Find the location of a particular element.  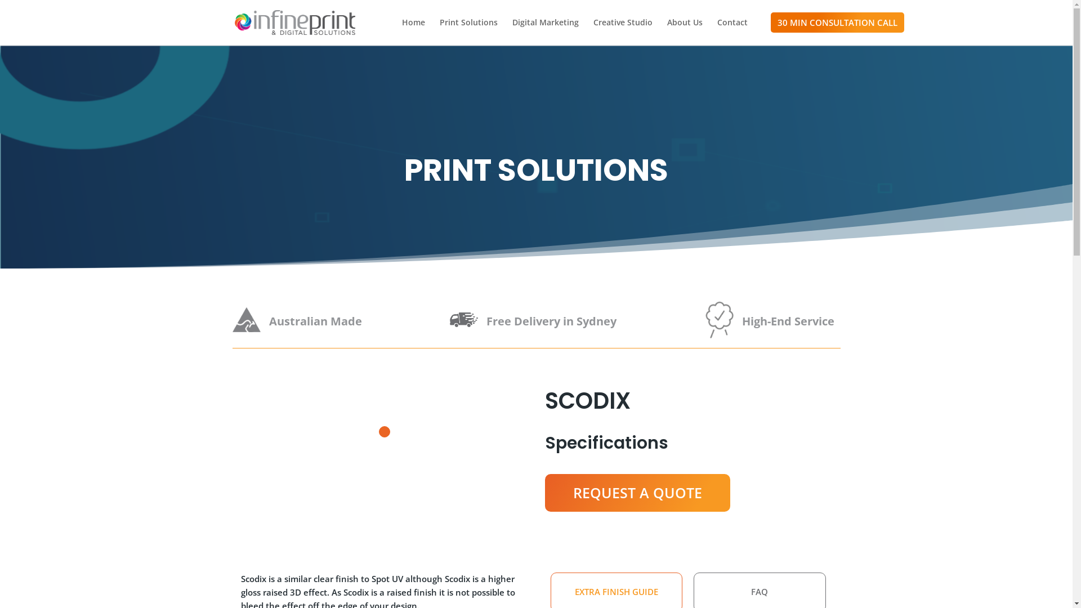

'Creative Studio' is located at coordinates (593, 31).